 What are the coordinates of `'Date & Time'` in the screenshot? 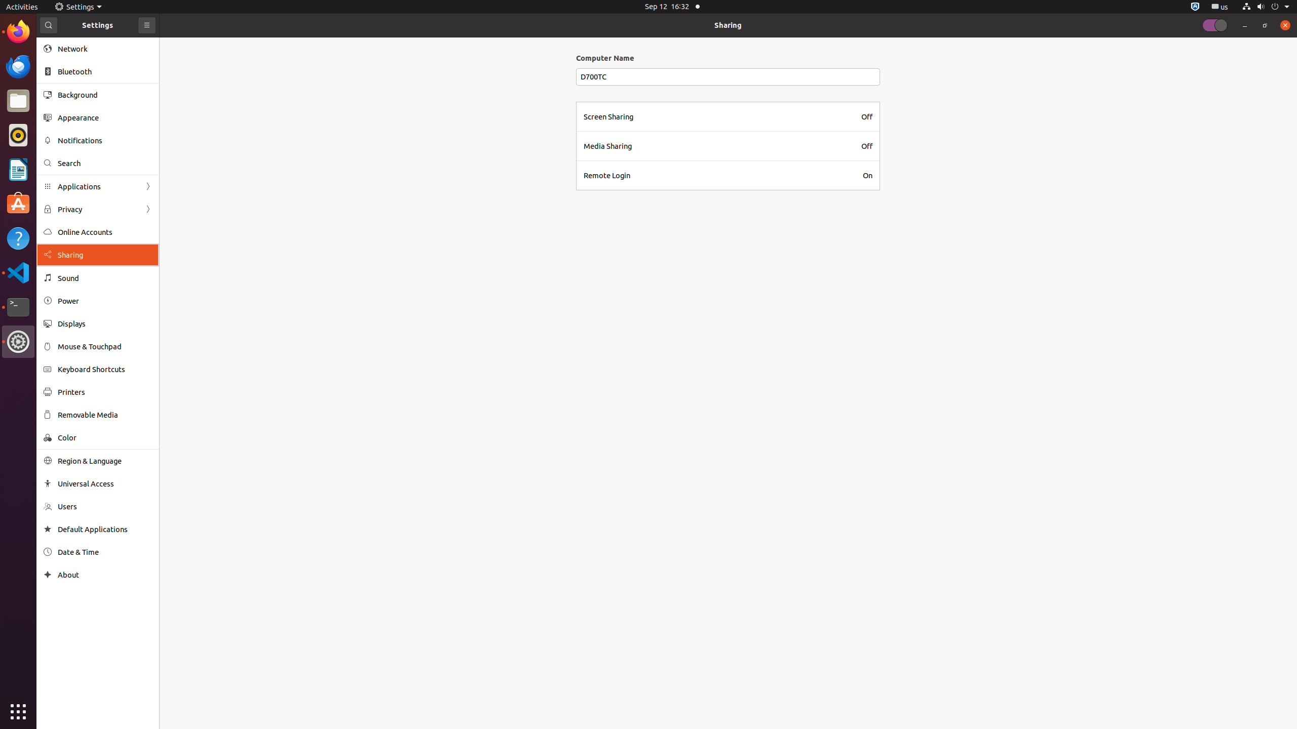 It's located at (105, 551).